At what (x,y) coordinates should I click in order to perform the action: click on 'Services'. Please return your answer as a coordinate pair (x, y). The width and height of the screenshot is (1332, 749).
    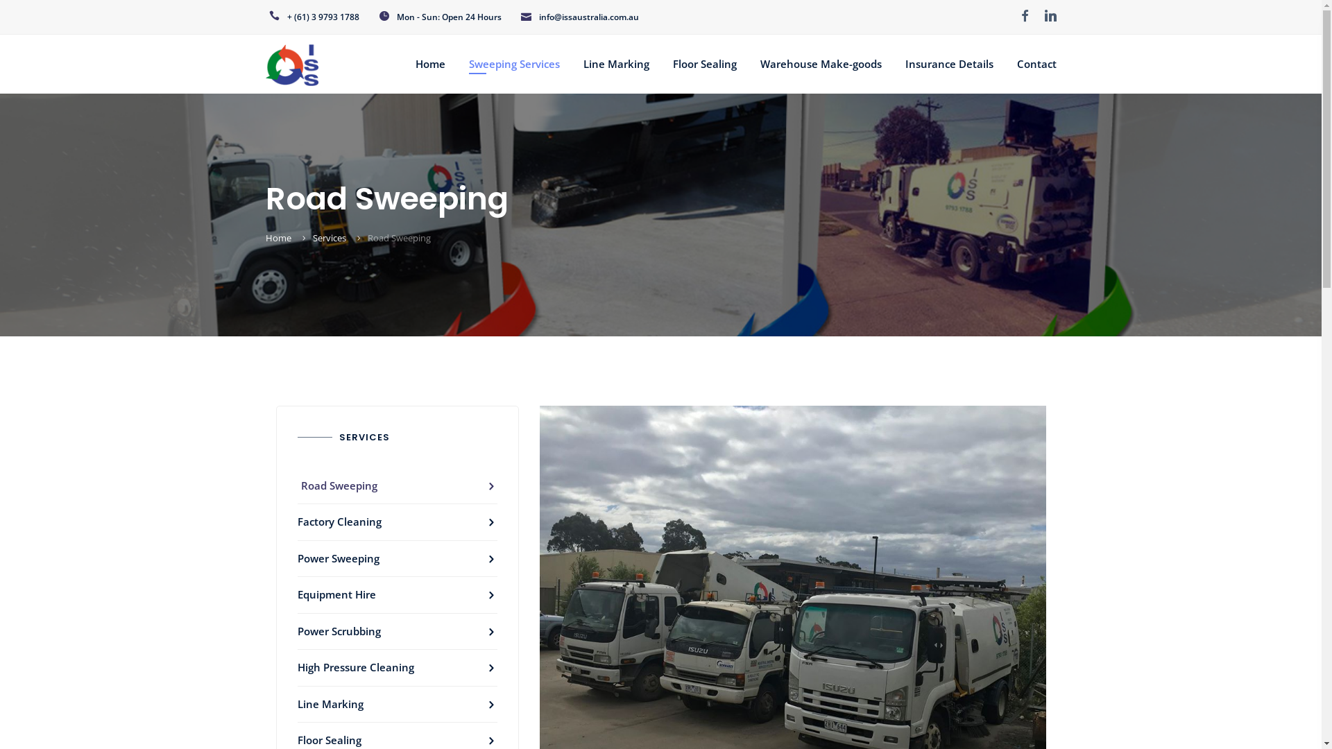
    Looking at the image, I should click on (328, 237).